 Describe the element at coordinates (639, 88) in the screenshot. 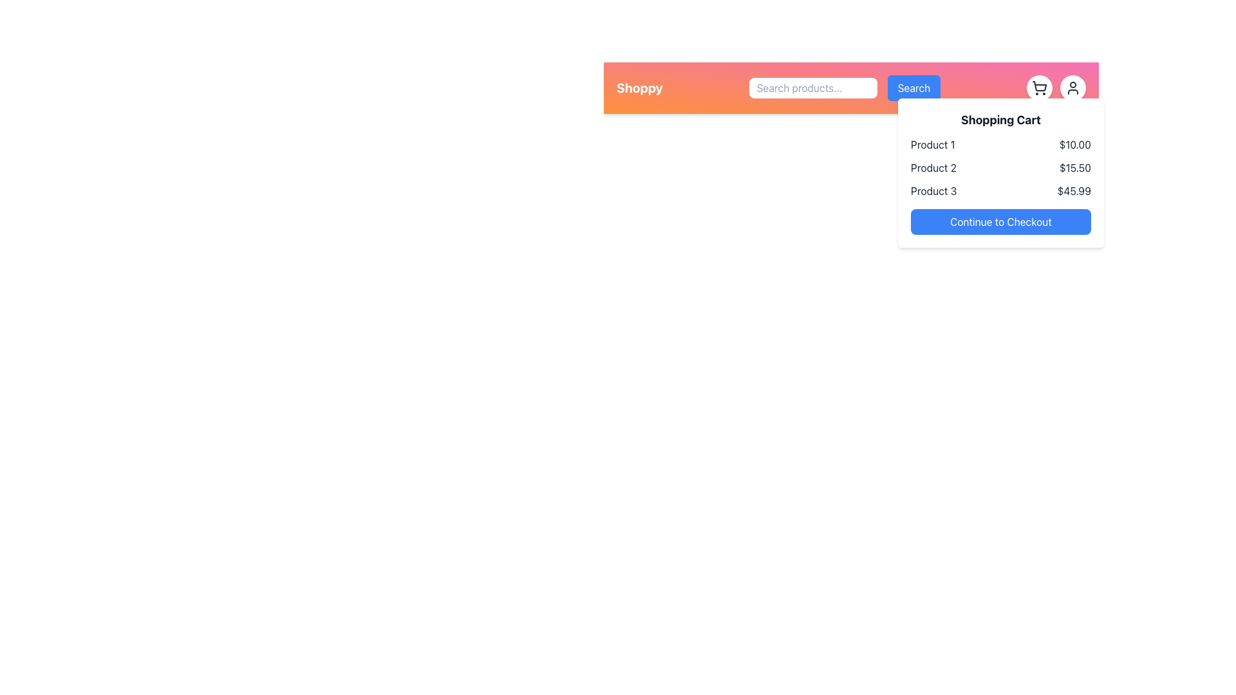

I see `text from the label displaying 'Shoppy' in bold white font on the bright orange background, located at the top left of the navigation bar` at that location.